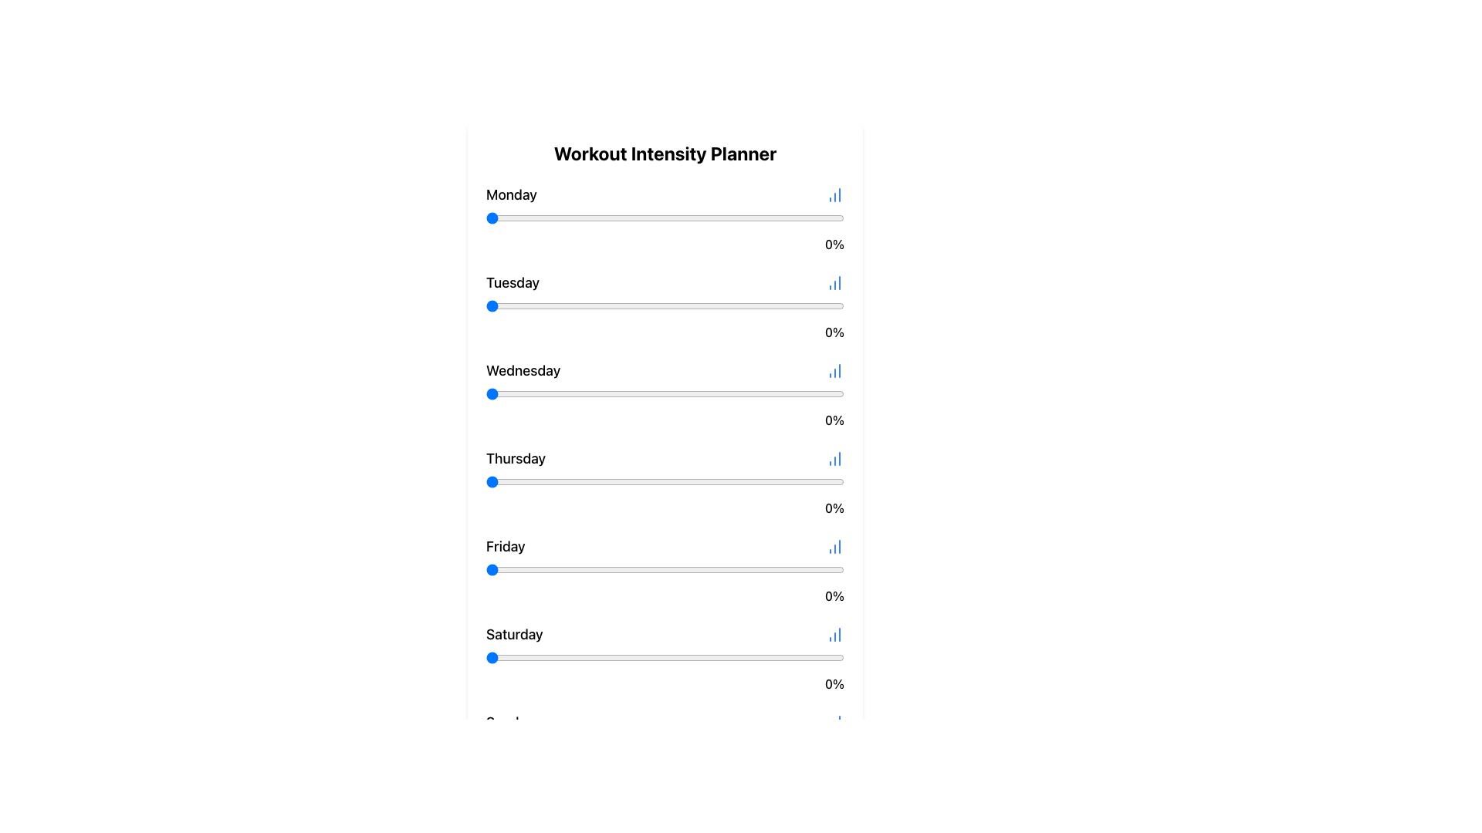  Describe the element at coordinates (522, 306) in the screenshot. I see `the Tuesday intensity level` at that location.